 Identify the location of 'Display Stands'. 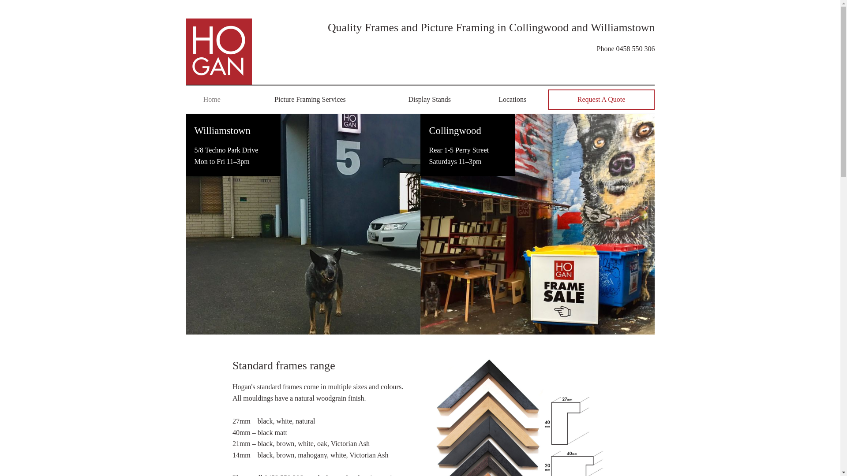
(430, 99).